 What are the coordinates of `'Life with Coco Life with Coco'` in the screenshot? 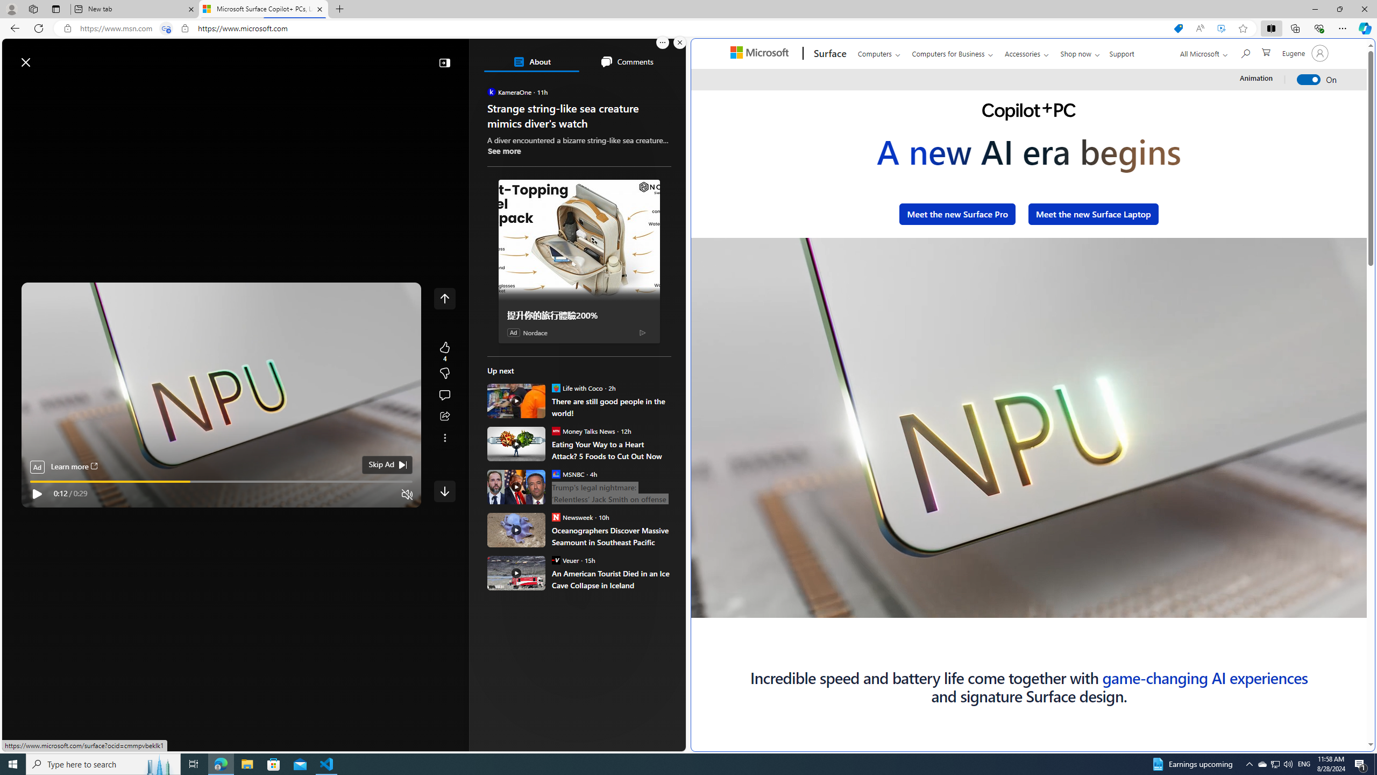 It's located at (577, 387).